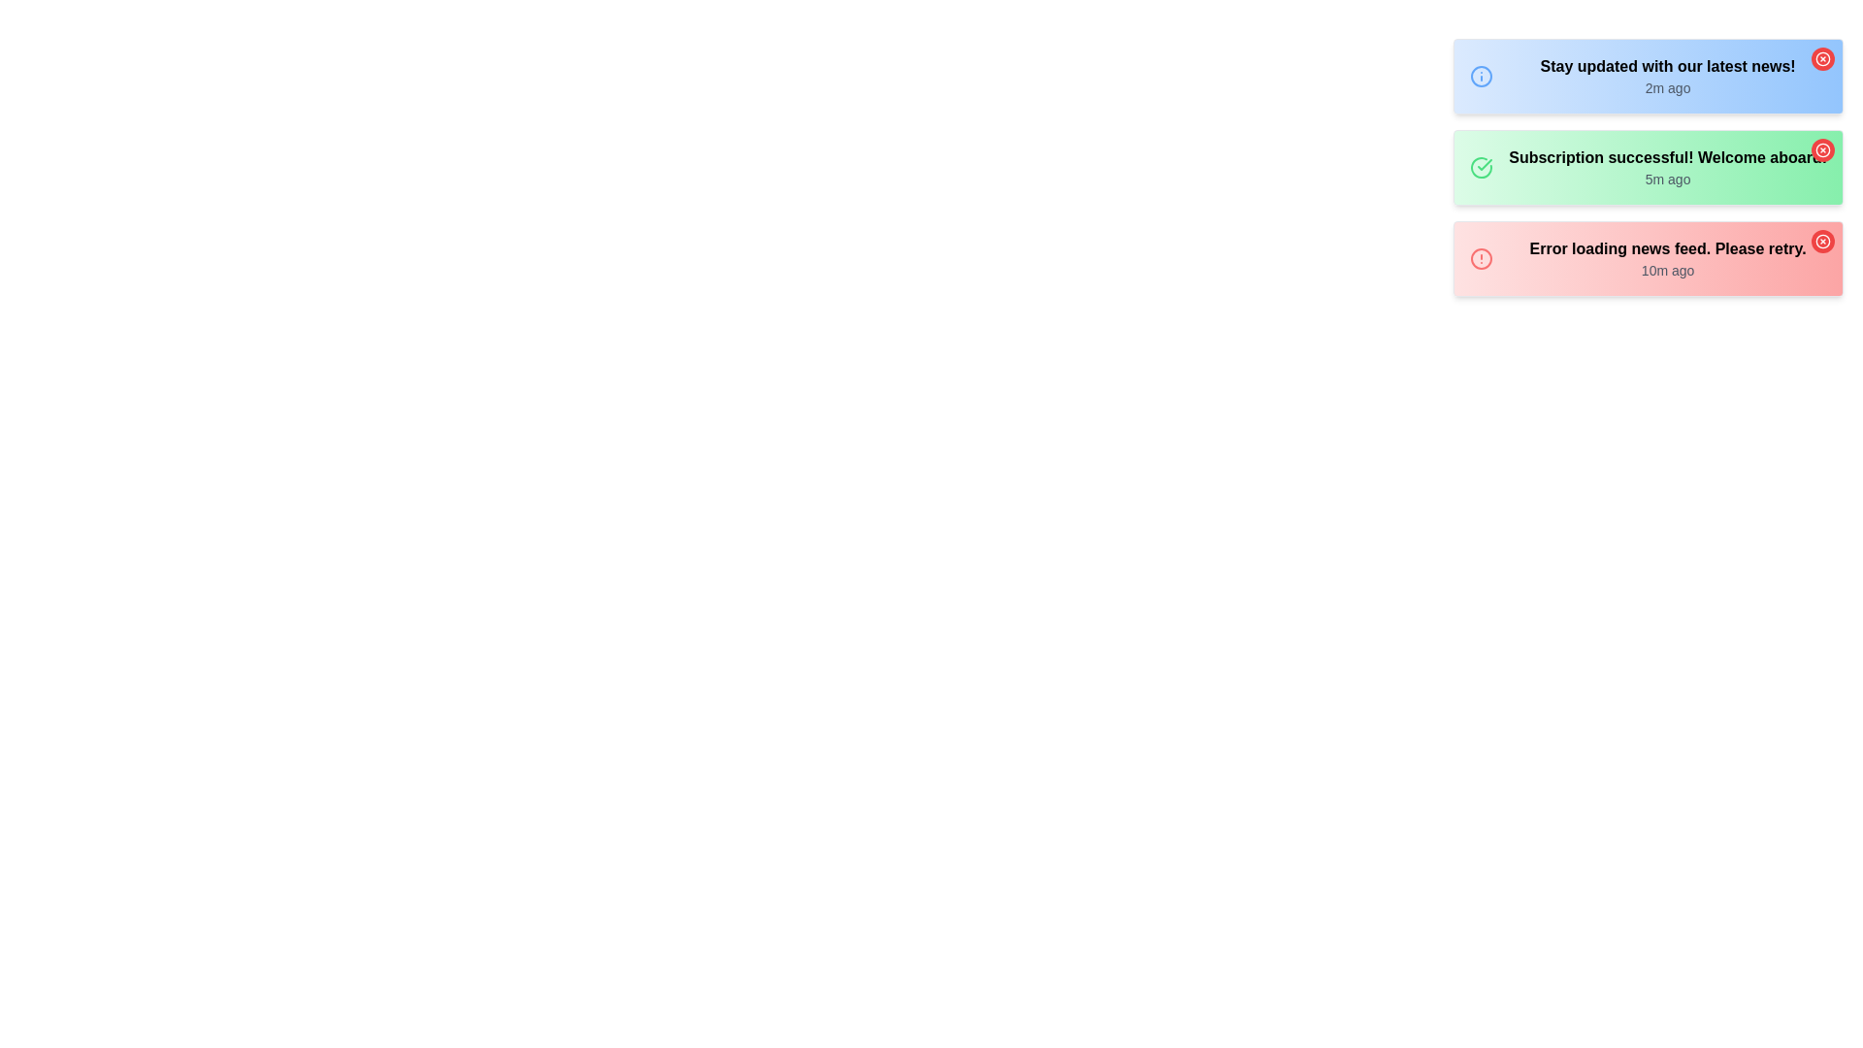 This screenshot has width=1863, height=1048. What do you see at coordinates (1648, 167) in the screenshot?
I see `the success notification box, which is the second vertically stacked notification box` at bounding box center [1648, 167].